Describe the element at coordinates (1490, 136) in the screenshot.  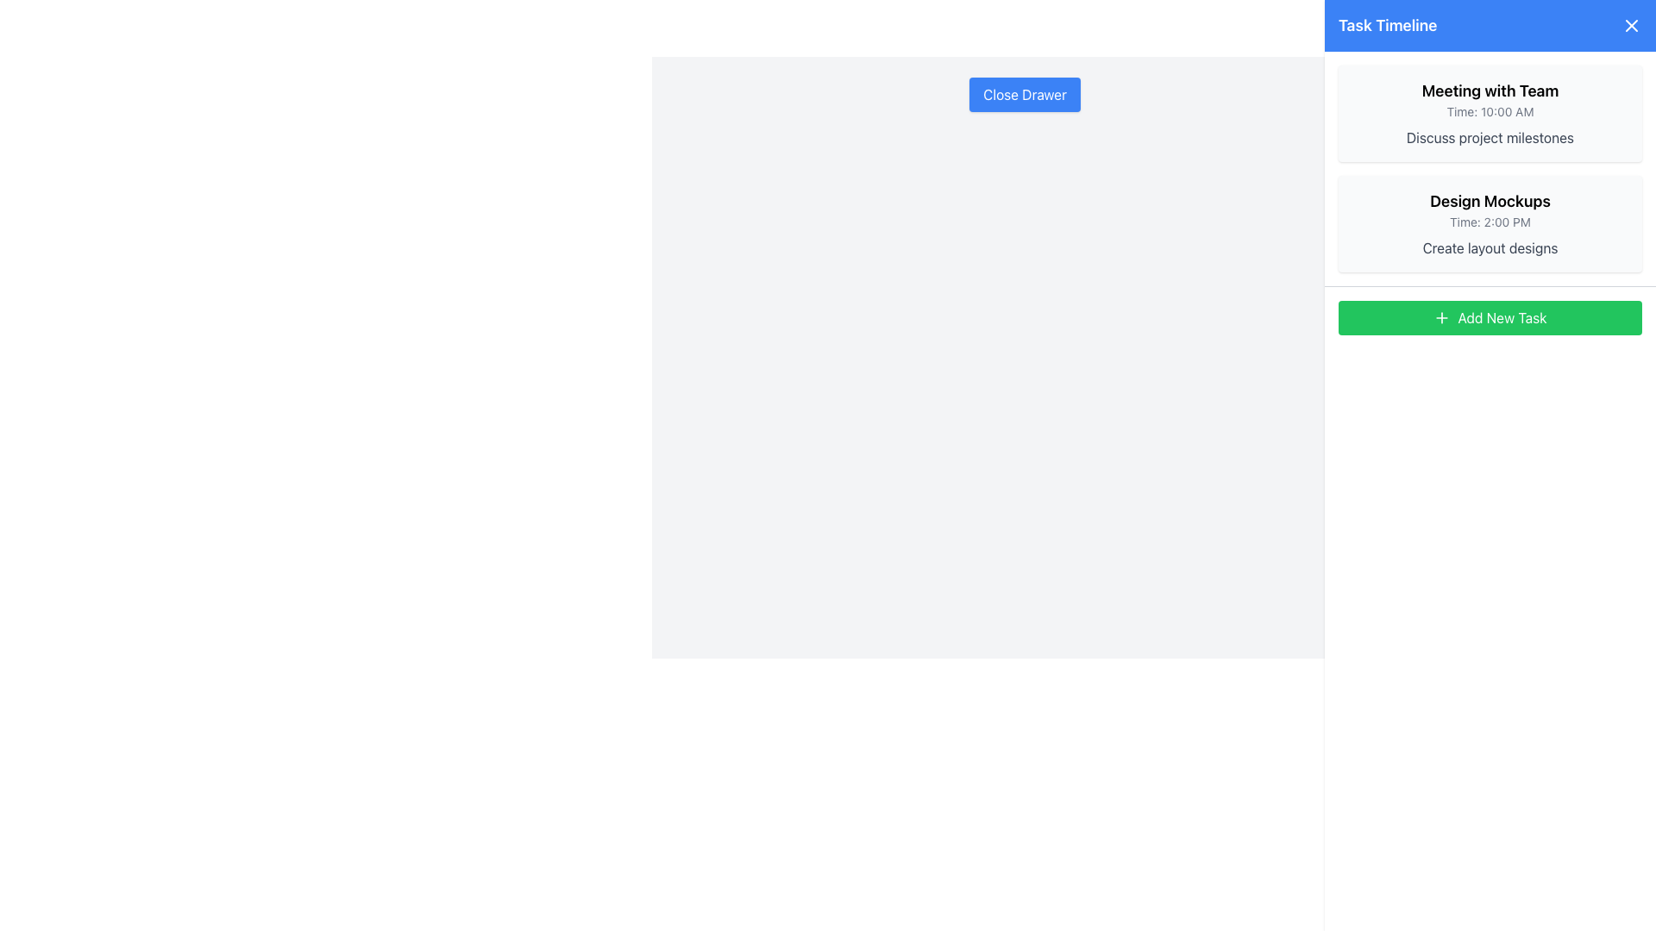
I see `the Text label that serves as a description for the 'Meeting with Team' task, located below the 'Time: 10:00 AM' sub-element in the right-hand side panel` at that location.